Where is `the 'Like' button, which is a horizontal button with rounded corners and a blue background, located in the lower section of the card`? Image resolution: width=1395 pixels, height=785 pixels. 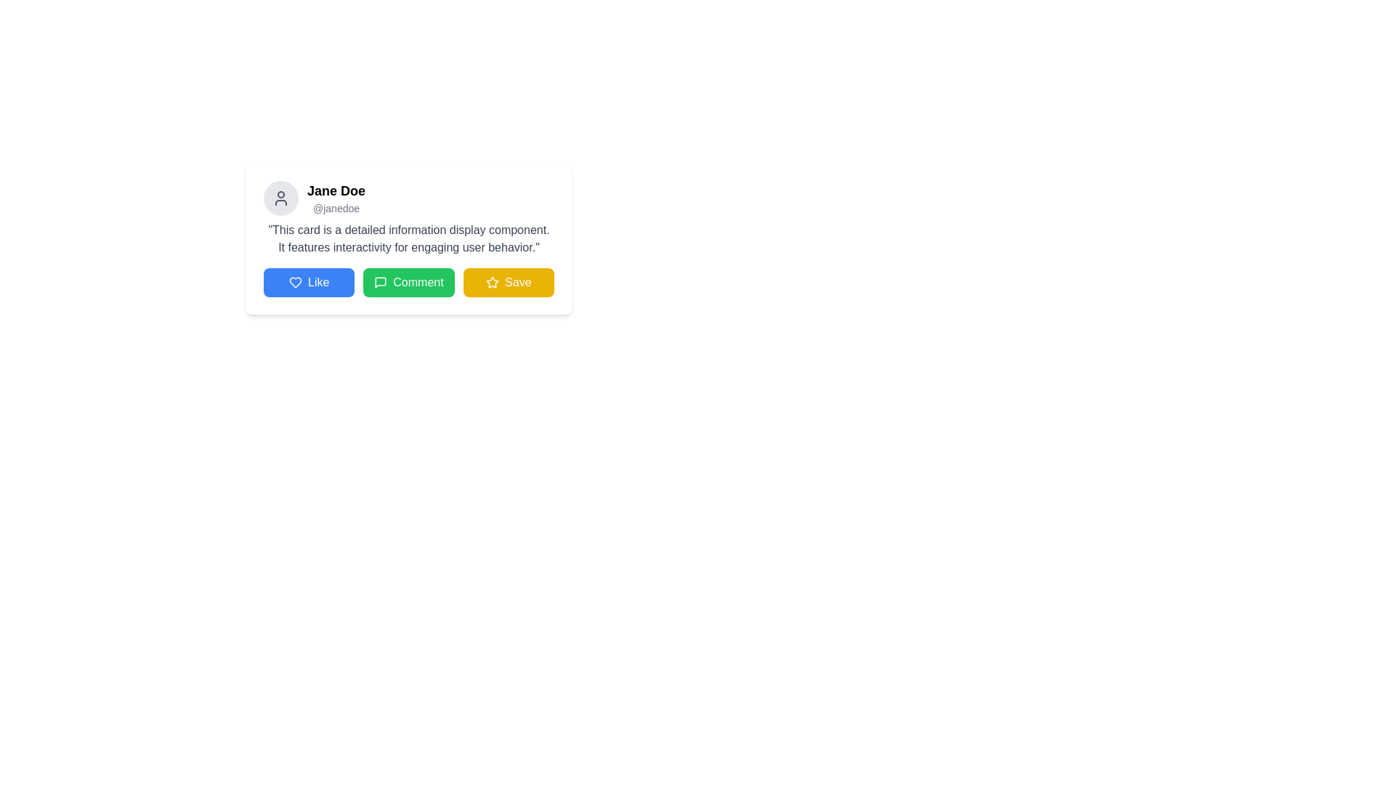 the 'Like' button, which is a horizontal button with rounded corners and a blue background, located in the lower section of the card is located at coordinates (308, 283).